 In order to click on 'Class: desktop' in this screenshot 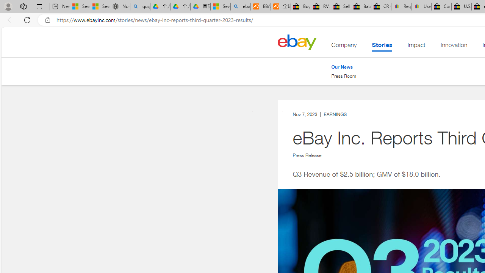, I will do `click(296, 42)`.